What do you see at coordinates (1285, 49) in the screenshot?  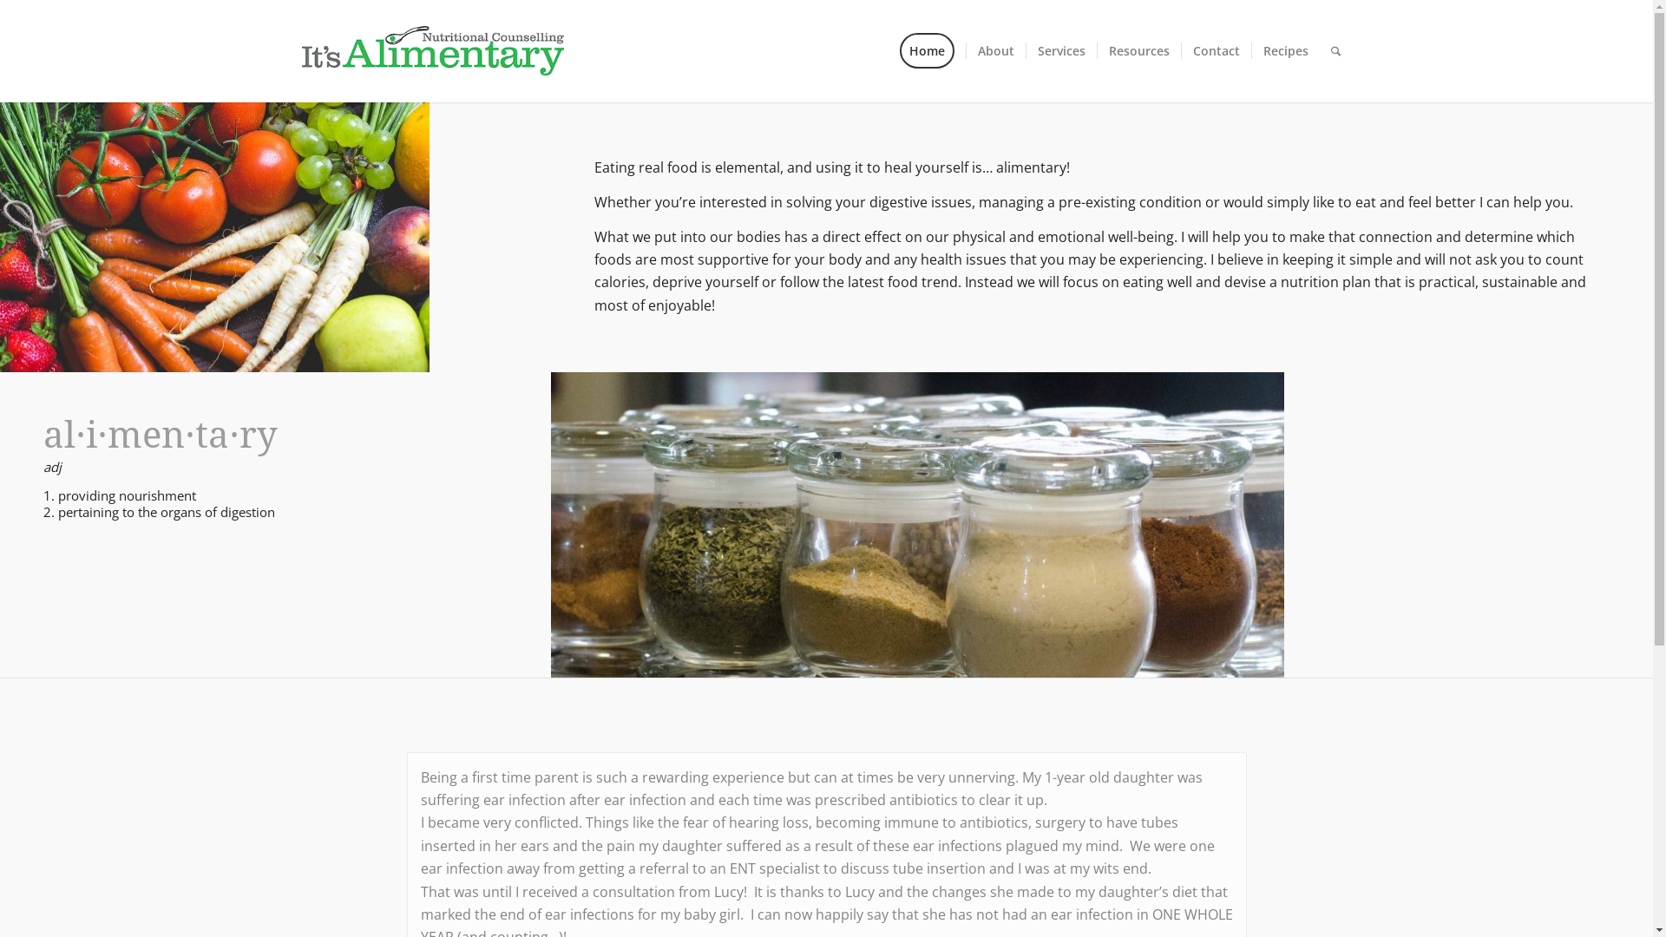 I see `'Recipes'` at bounding box center [1285, 49].